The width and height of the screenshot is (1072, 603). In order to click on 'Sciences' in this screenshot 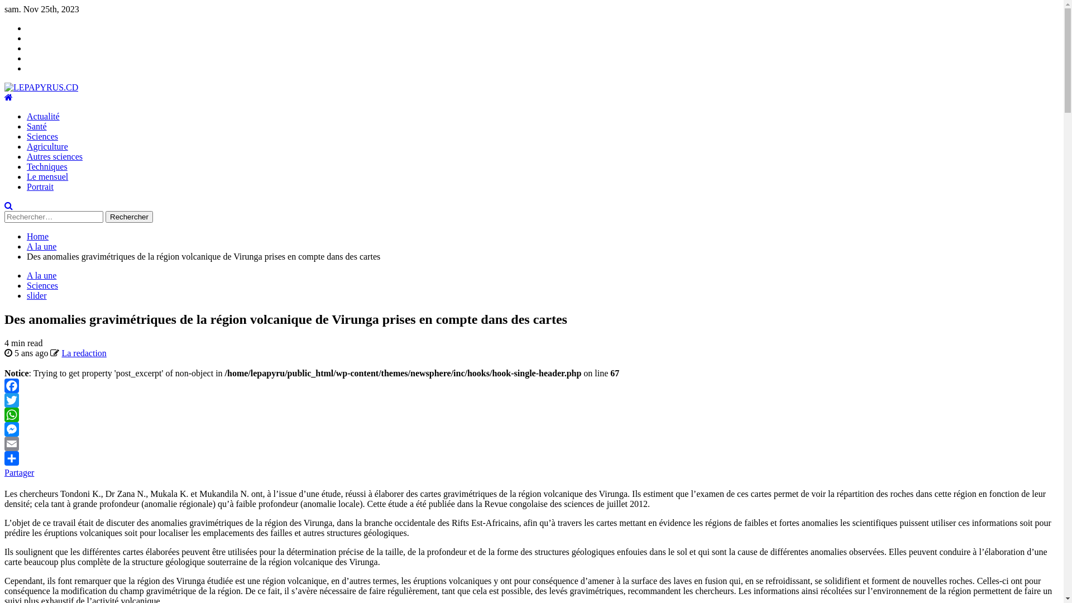, I will do `click(42, 285)`.